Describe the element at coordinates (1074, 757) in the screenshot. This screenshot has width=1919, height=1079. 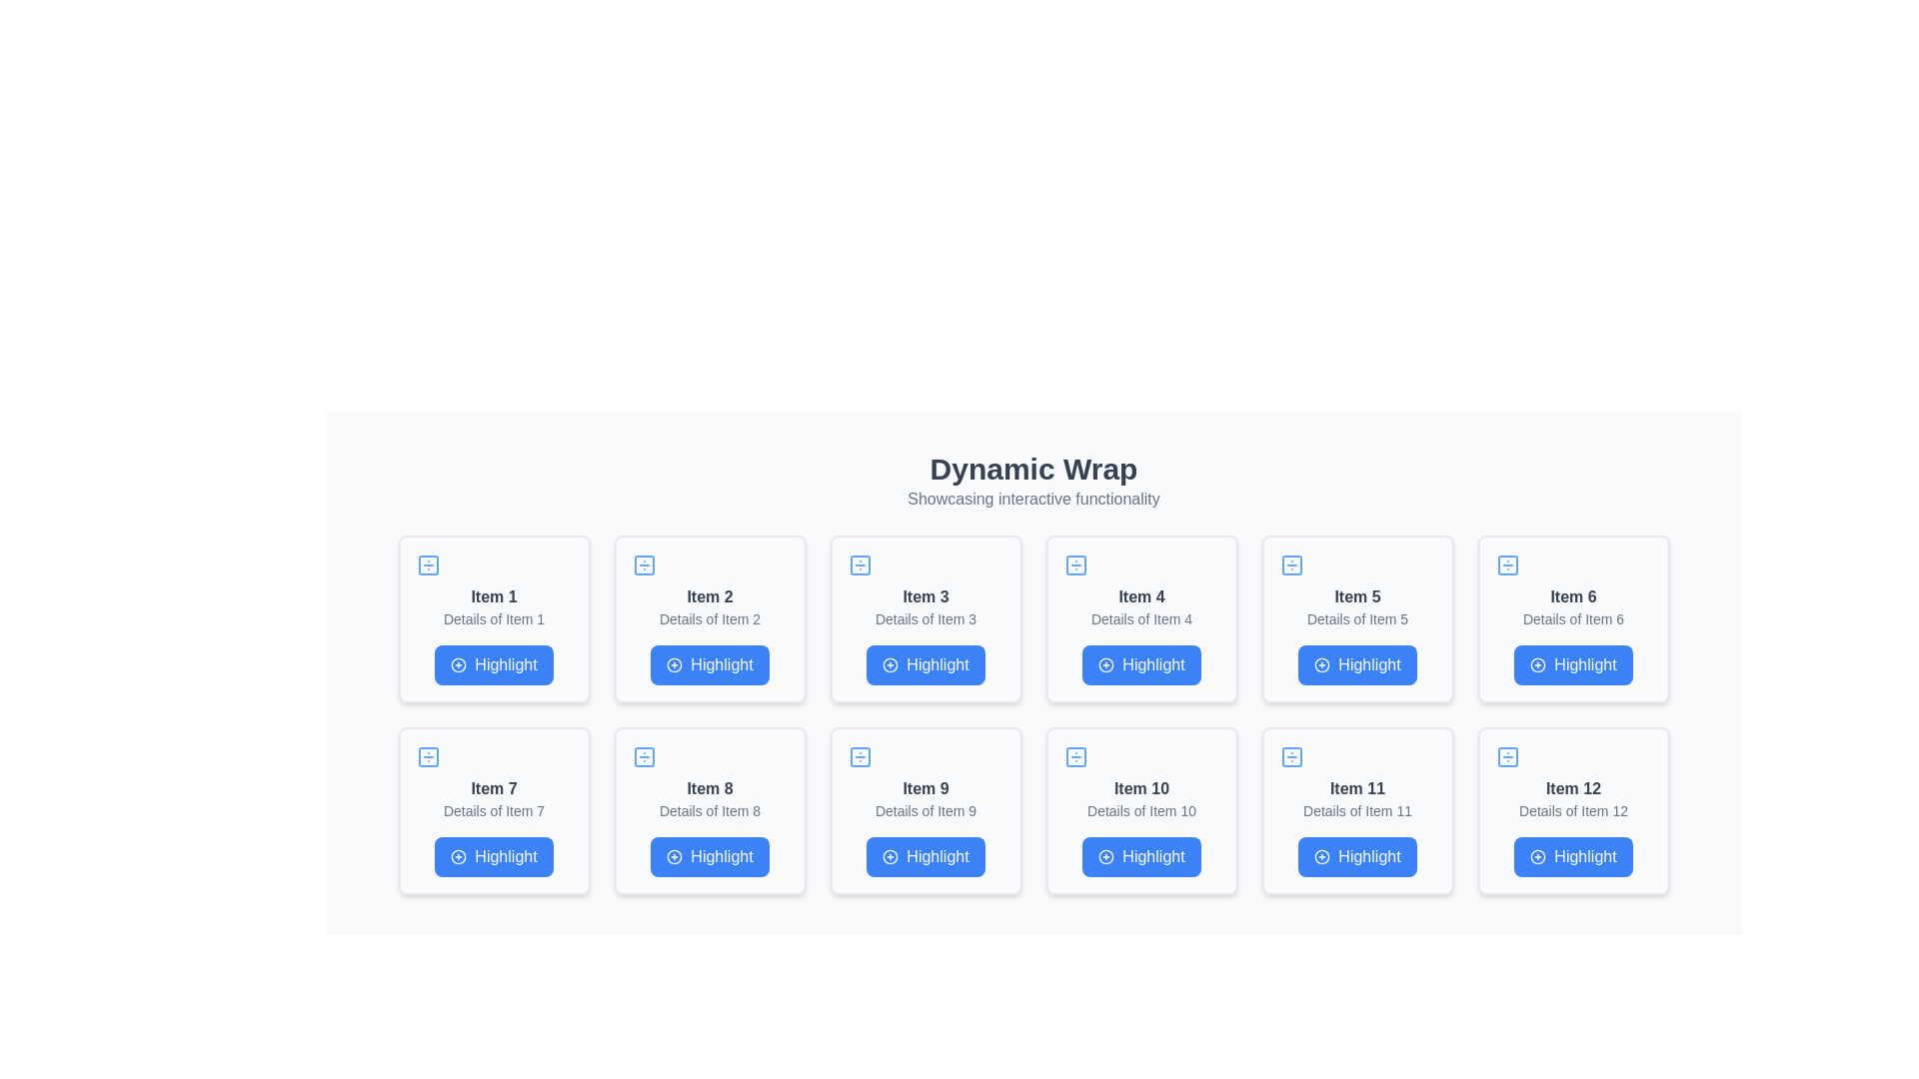
I see `the divide icon located within the card titled 'Item 10', positioned in the second row and fourth column of the grid layout` at that location.